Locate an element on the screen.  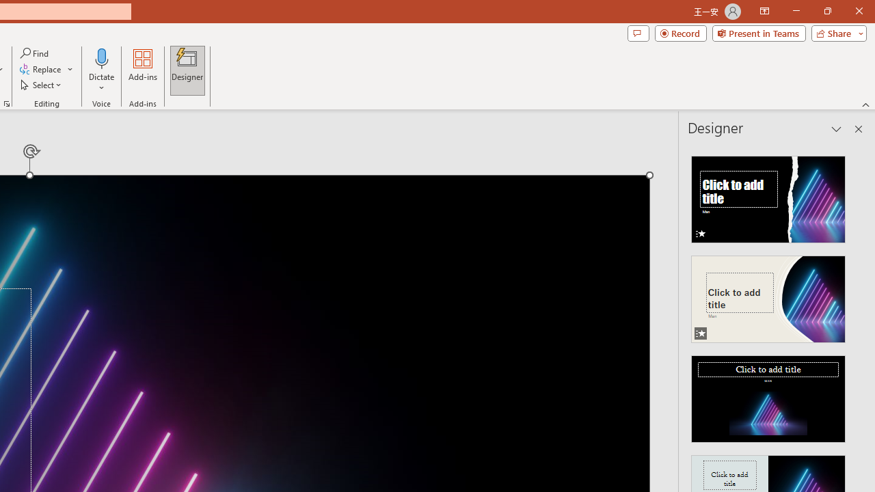
'Design Idea' is located at coordinates (768, 394).